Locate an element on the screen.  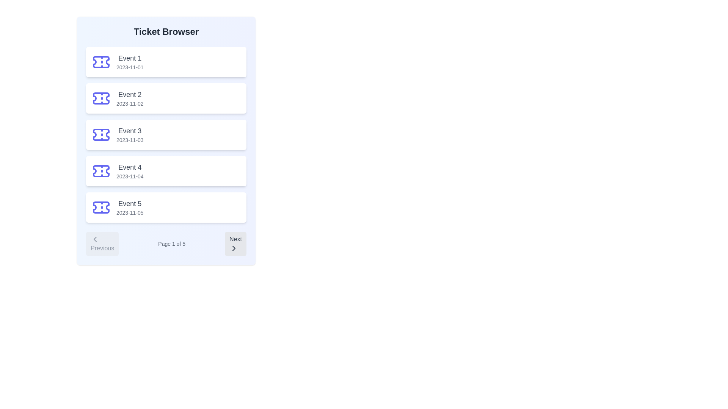
the informational text block displaying event details, positioned as the third item in a vertical list between 'Event 2' and 'Event 4' is located at coordinates (130, 134).